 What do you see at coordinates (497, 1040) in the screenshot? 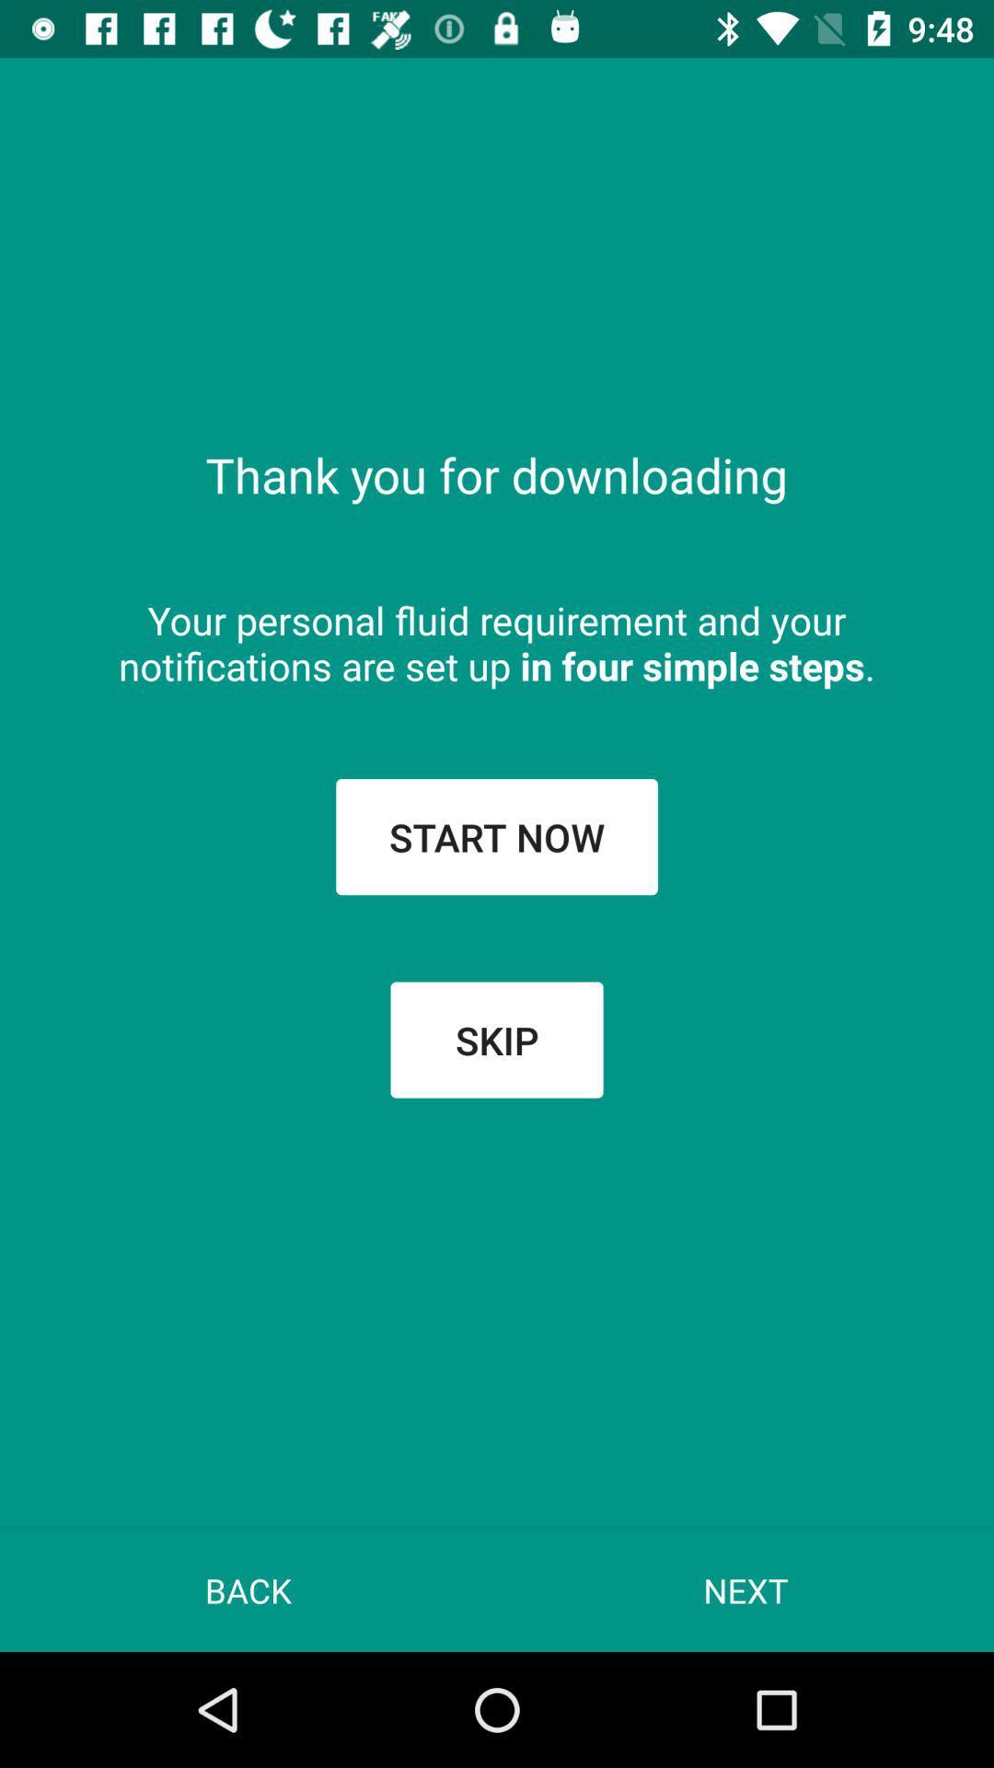
I see `the skip button` at bounding box center [497, 1040].